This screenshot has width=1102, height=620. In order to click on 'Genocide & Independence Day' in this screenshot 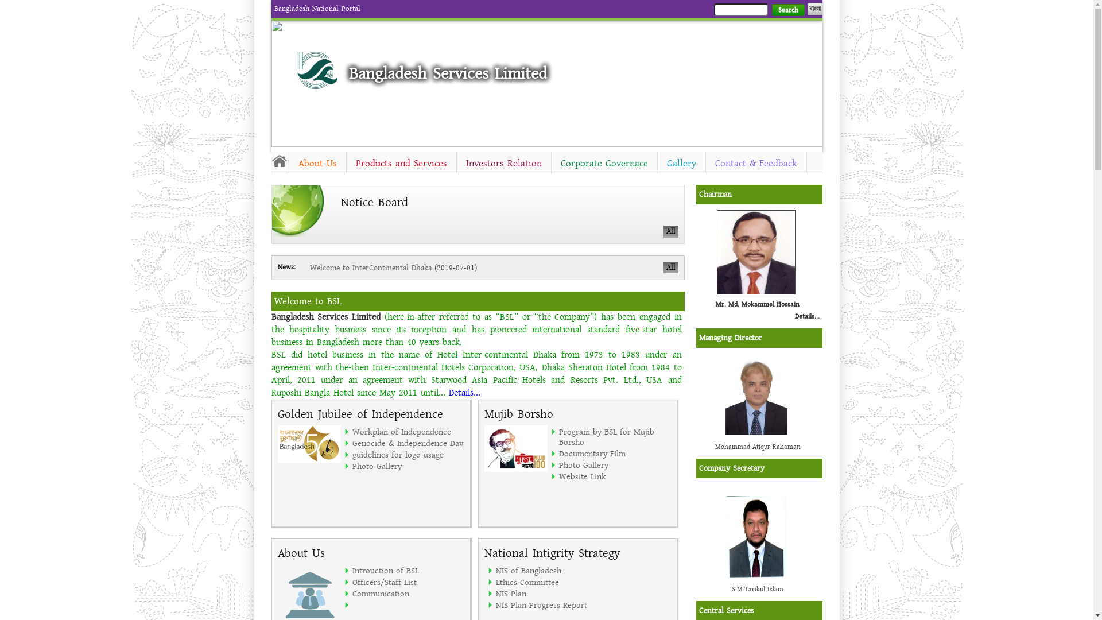, I will do `click(408, 442)`.